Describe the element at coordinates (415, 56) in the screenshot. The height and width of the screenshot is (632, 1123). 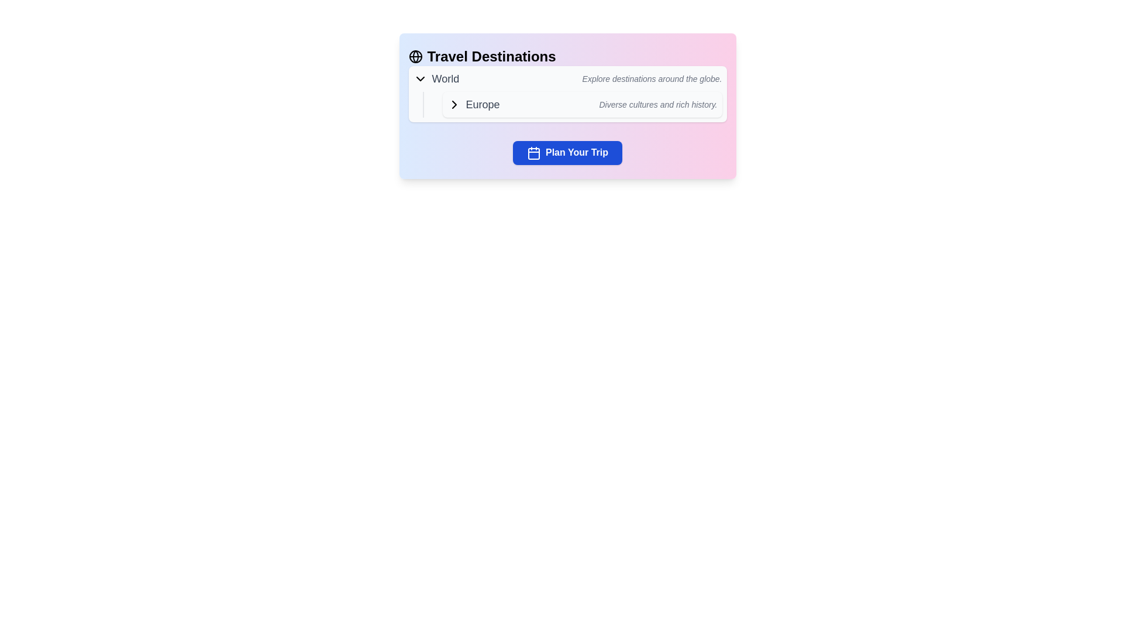
I see `the decorative SVG circle element in the globe icon, located adjacent to the title 'Travel Destinations'` at that location.